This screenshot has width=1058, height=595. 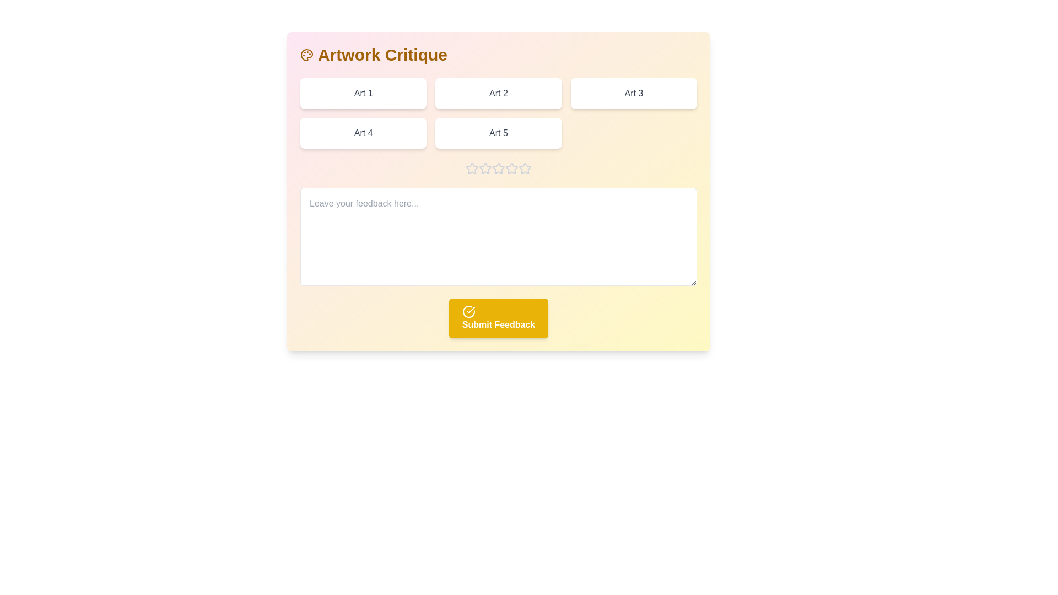 What do you see at coordinates (511, 168) in the screenshot?
I see `the rating to 4 stars by clicking on the corresponding star button` at bounding box center [511, 168].